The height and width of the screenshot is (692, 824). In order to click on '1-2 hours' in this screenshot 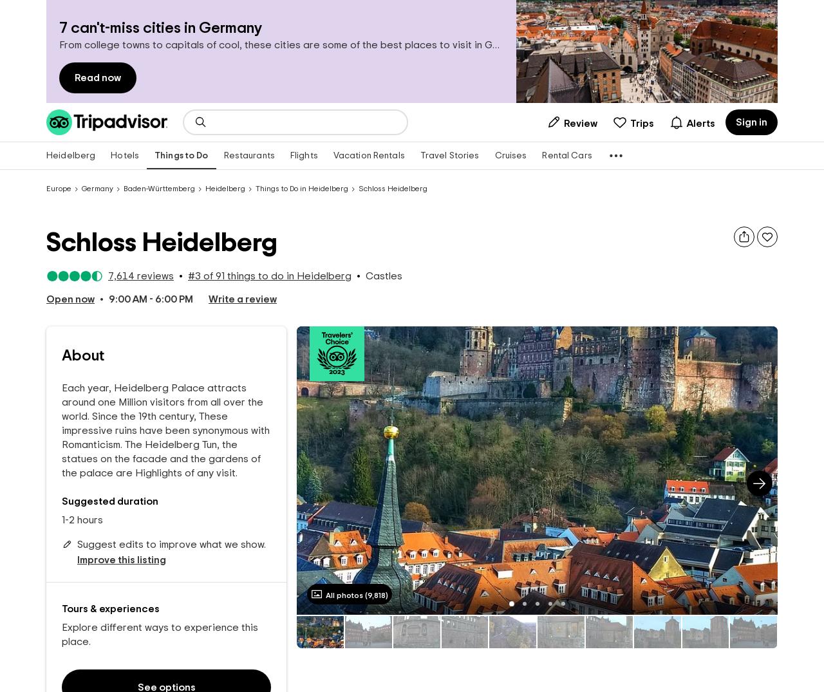, I will do `click(82, 519)`.